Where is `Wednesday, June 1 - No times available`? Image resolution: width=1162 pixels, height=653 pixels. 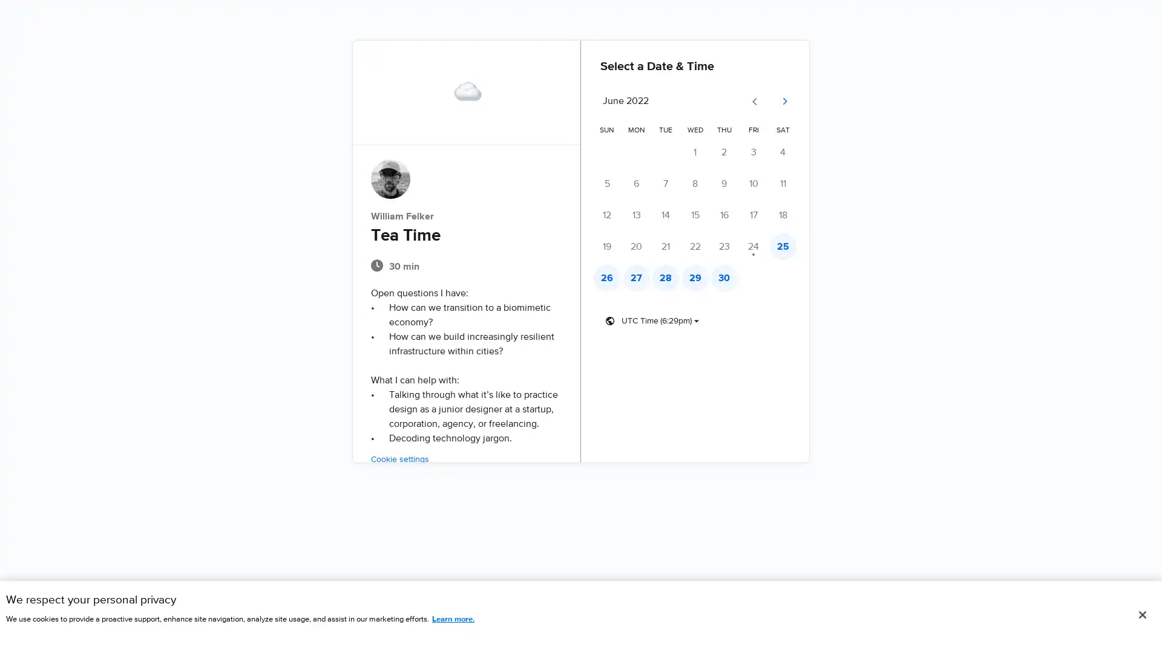
Wednesday, June 1 - No times available is located at coordinates (701, 151).